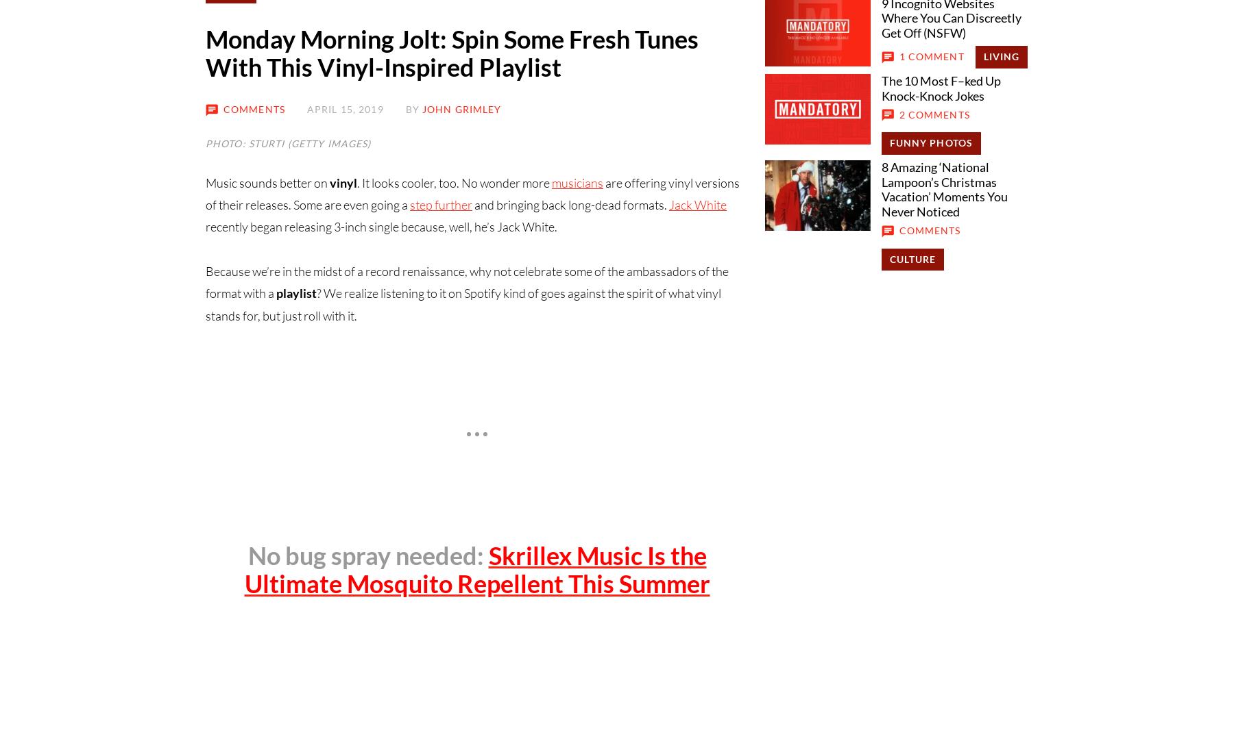 The width and height of the screenshot is (1234, 739). What do you see at coordinates (512, 373) in the screenshot?
I see `'Evolve Media Holdings'` at bounding box center [512, 373].